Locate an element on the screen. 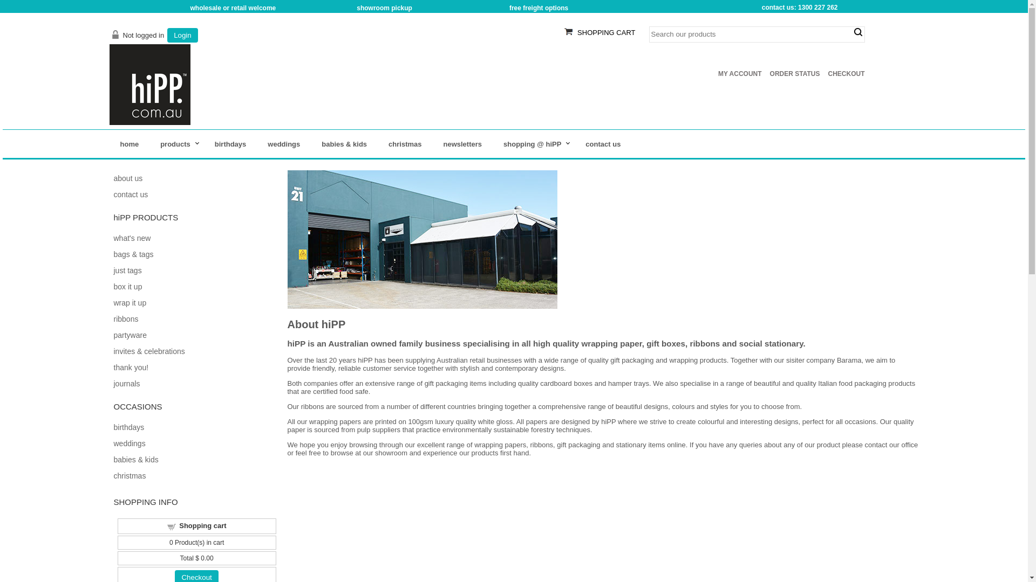 This screenshot has width=1036, height=582. 'newsletters' is located at coordinates (463, 143).